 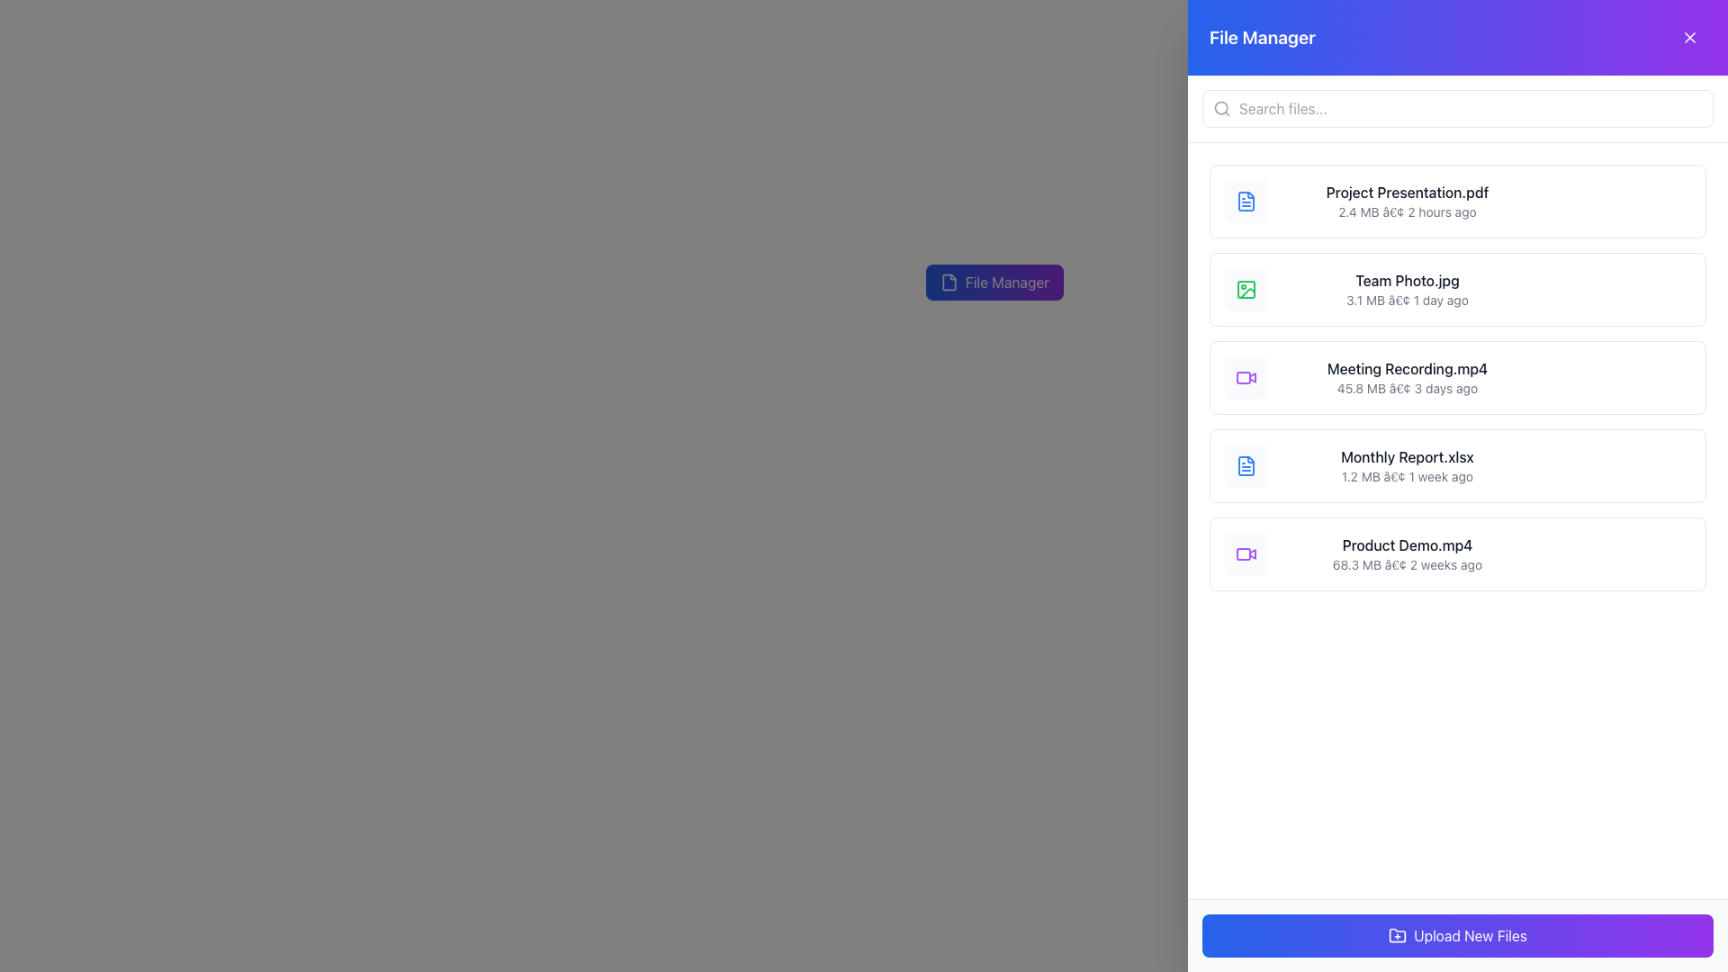 I want to click on the icon representing the image file associated with 'Team Photo.jpg', which is located to the left of the text in the second row of the file list in the 'File Manager' interface, so click(x=1246, y=288).